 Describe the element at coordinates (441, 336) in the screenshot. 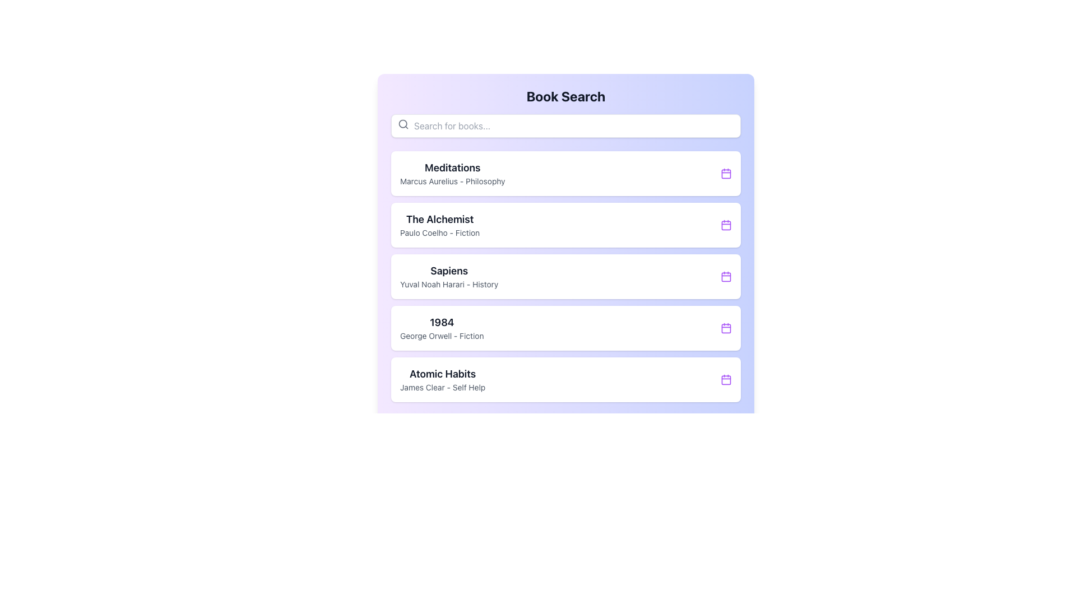

I see `the text label displaying the author's name and genre for the book entry '1984', located on the right side beneath the title` at that location.